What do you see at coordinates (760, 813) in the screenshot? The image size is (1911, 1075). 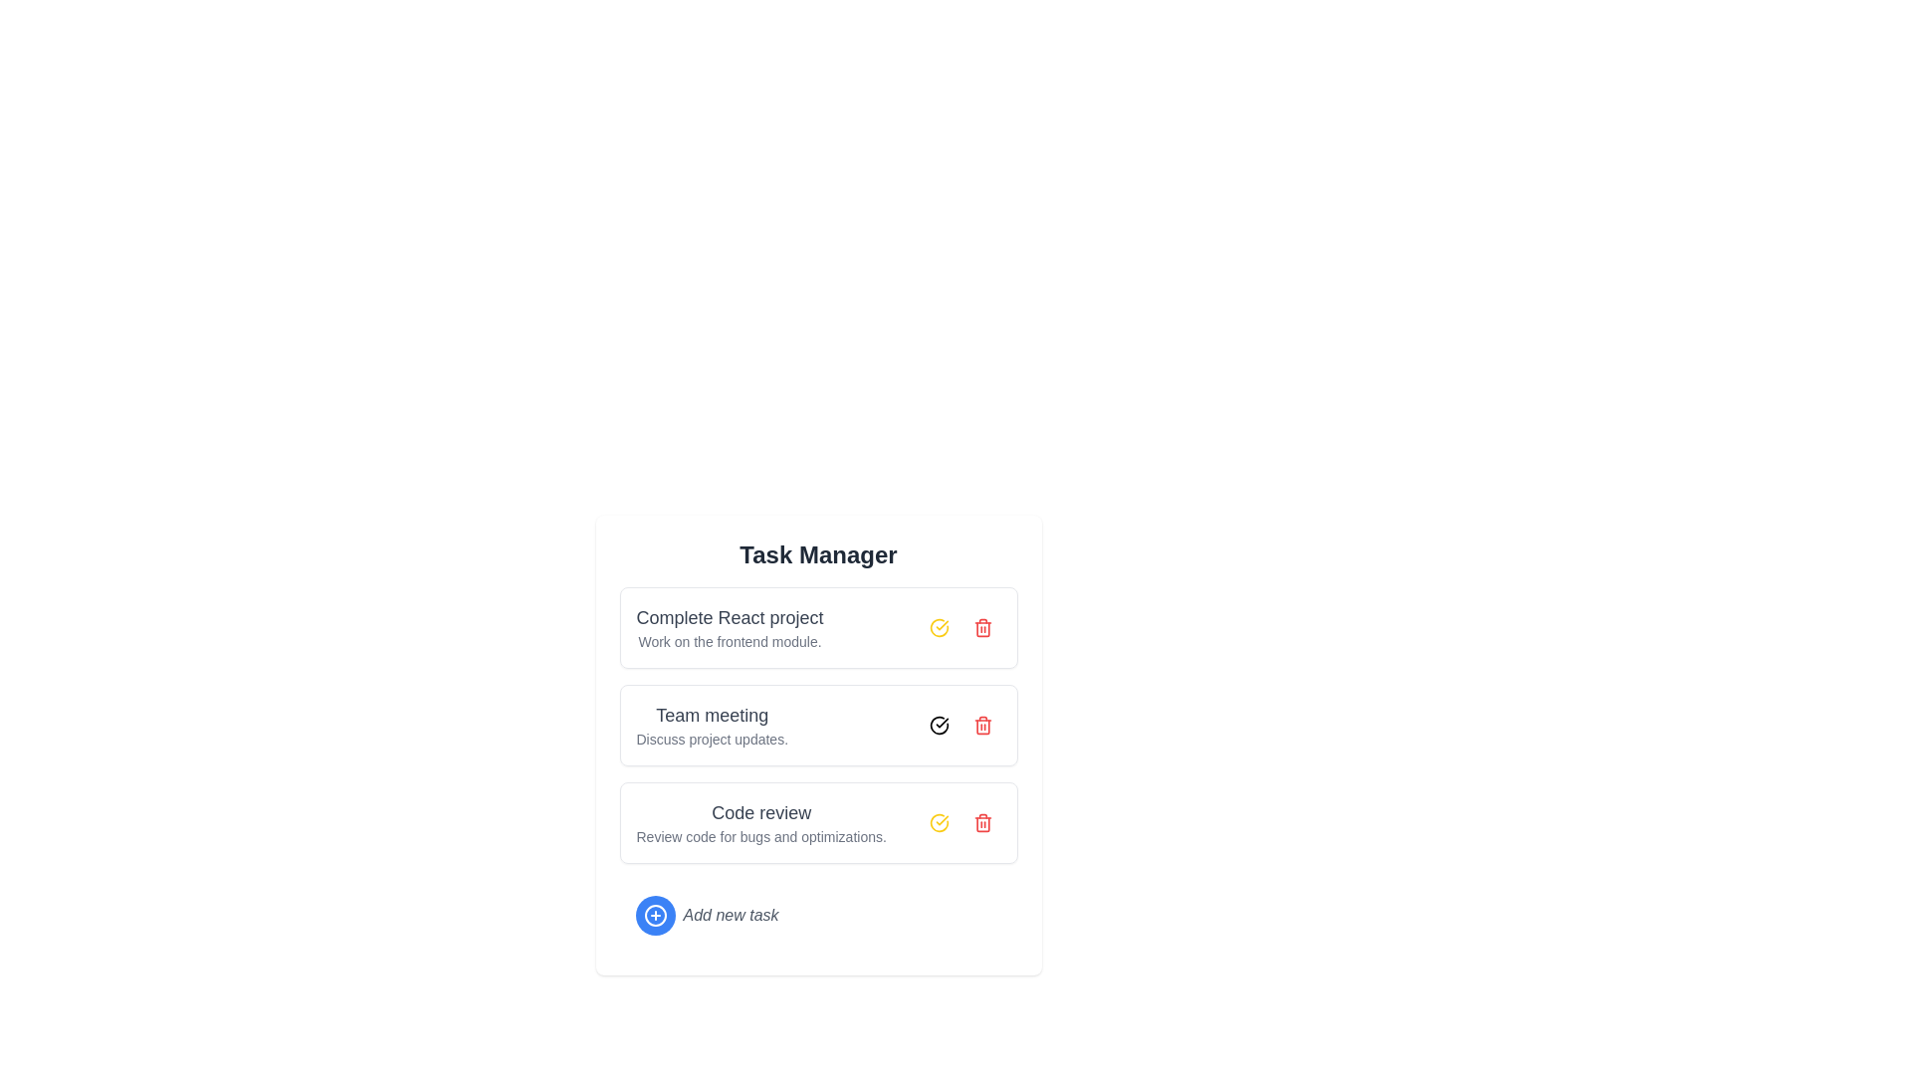 I see `the static text label displaying 'Code review' in the Task Manager interface` at bounding box center [760, 813].